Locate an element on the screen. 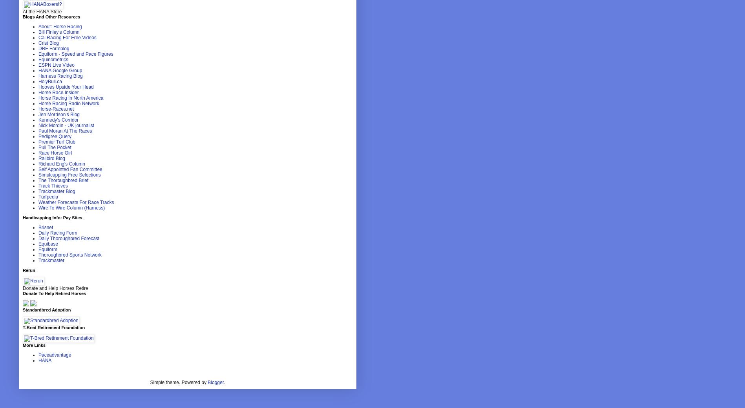 Image resolution: width=745 pixels, height=408 pixels. 'Donate and Help Horses Retire' is located at coordinates (55, 288).